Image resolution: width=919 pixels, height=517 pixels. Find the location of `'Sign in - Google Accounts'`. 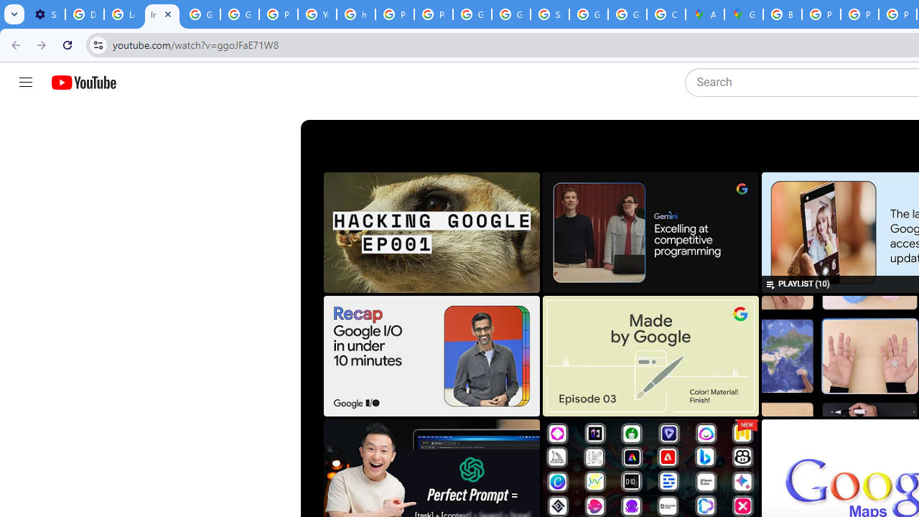

'Sign in - Google Accounts' is located at coordinates (549, 14).